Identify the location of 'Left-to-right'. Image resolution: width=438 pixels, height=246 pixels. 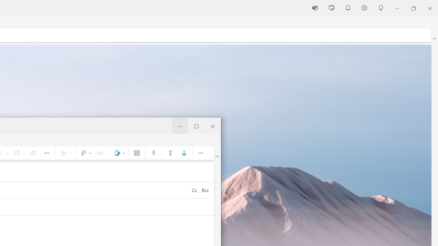
(33, 152).